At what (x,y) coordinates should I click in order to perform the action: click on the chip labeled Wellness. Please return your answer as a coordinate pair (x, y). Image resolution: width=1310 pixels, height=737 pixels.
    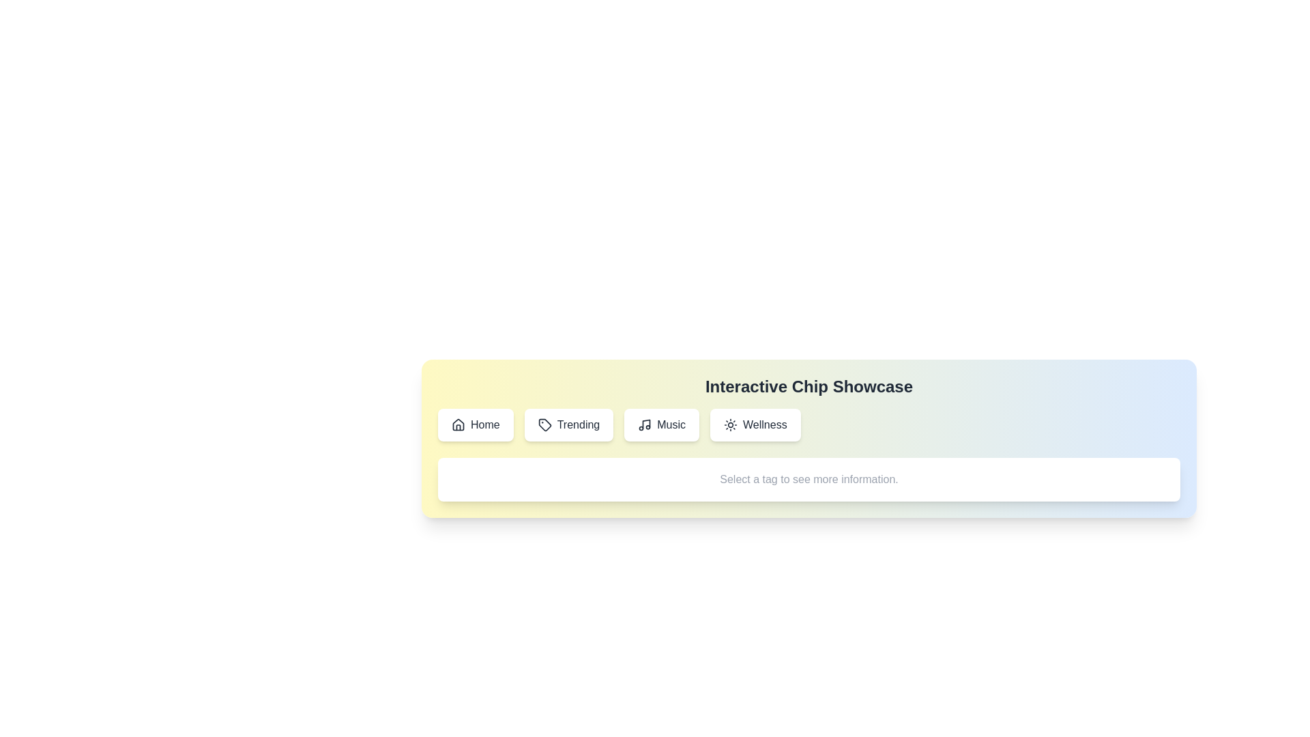
    Looking at the image, I should click on (755, 424).